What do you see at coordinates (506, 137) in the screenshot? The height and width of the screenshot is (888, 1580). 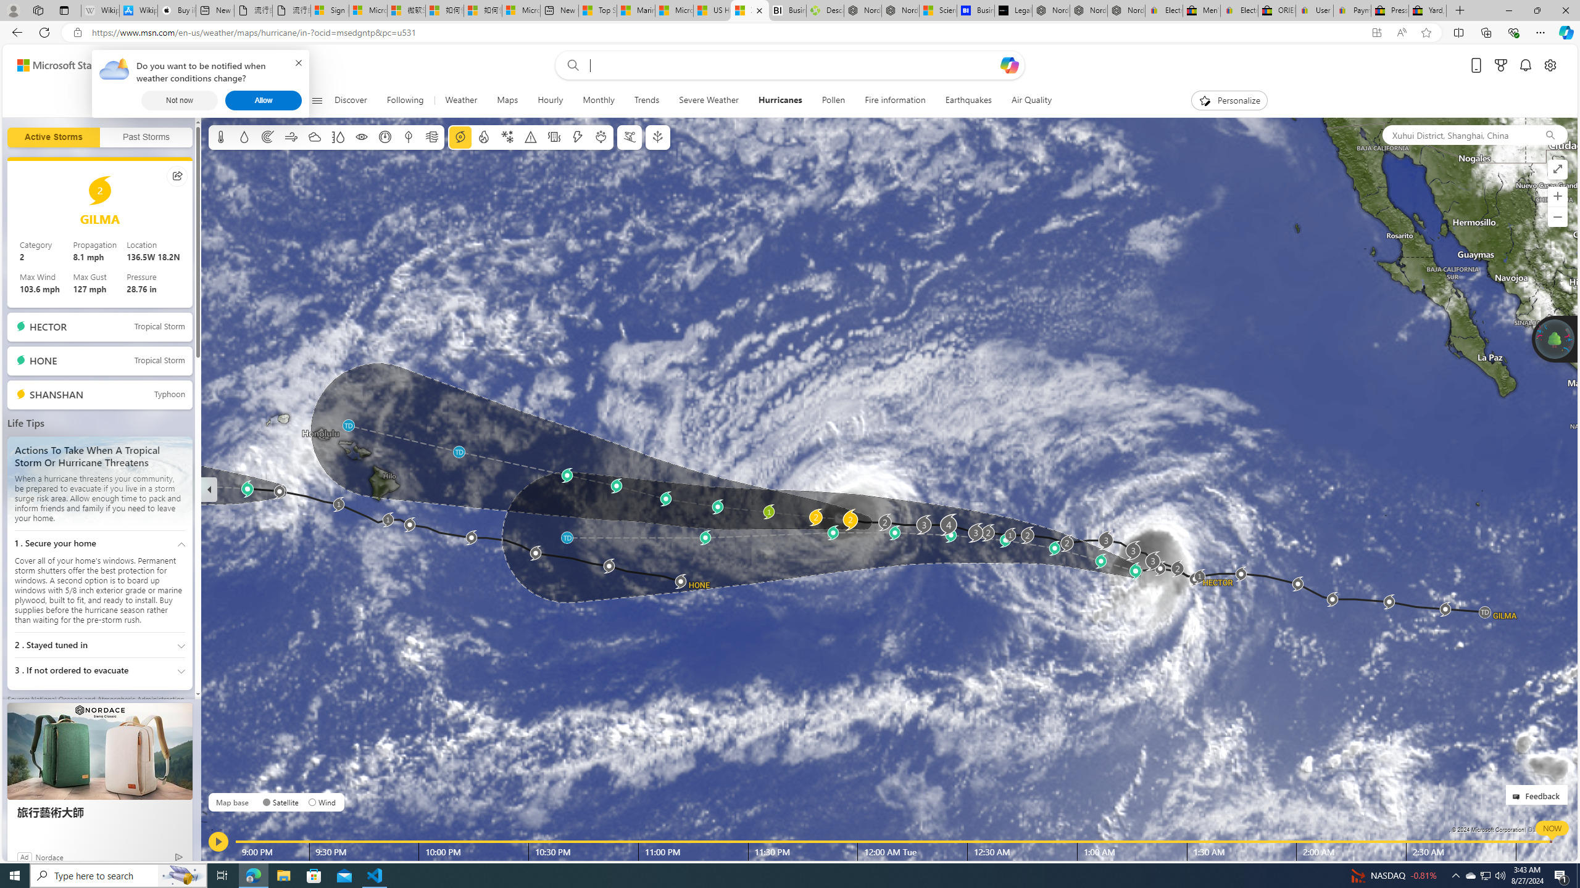 I see `'Winter weather'` at bounding box center [506, 137].